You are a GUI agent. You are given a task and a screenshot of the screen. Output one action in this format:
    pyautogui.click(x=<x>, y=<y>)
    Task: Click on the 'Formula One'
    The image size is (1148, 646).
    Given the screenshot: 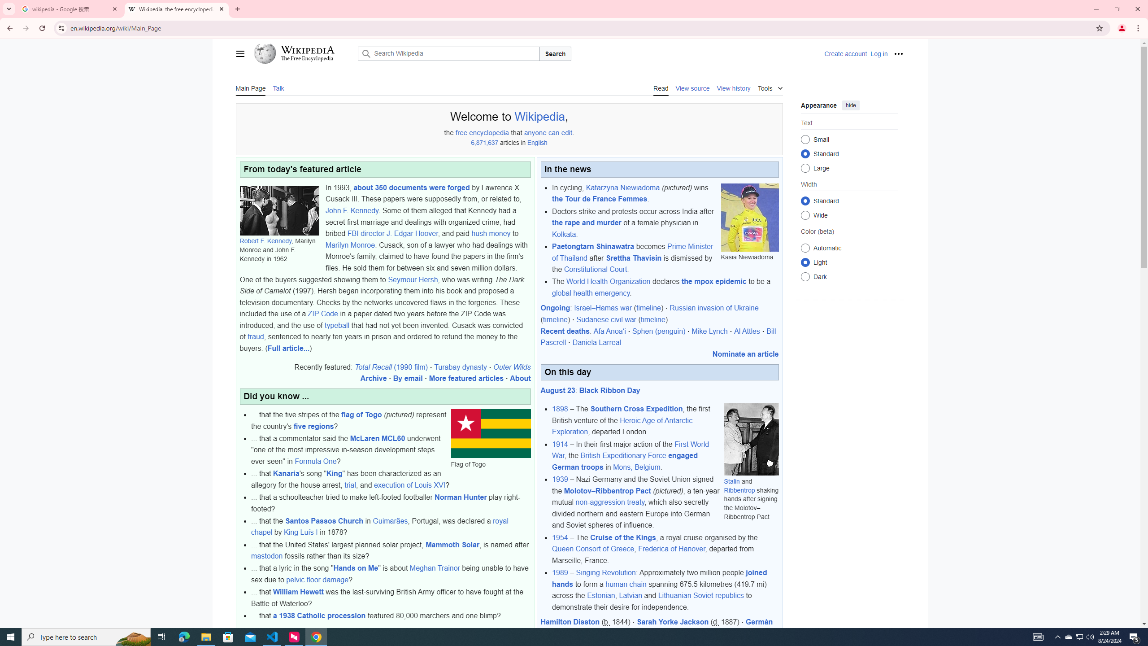 What is the action you would take?
    pyautogui.click(x=316, y=461)
    